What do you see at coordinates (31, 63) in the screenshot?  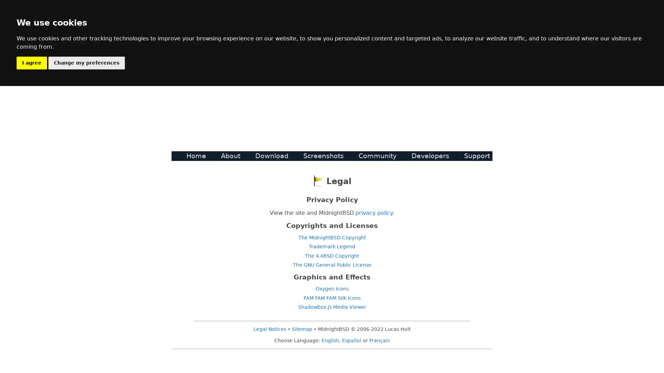 I see `I agree` at bounding box center [31, 63].